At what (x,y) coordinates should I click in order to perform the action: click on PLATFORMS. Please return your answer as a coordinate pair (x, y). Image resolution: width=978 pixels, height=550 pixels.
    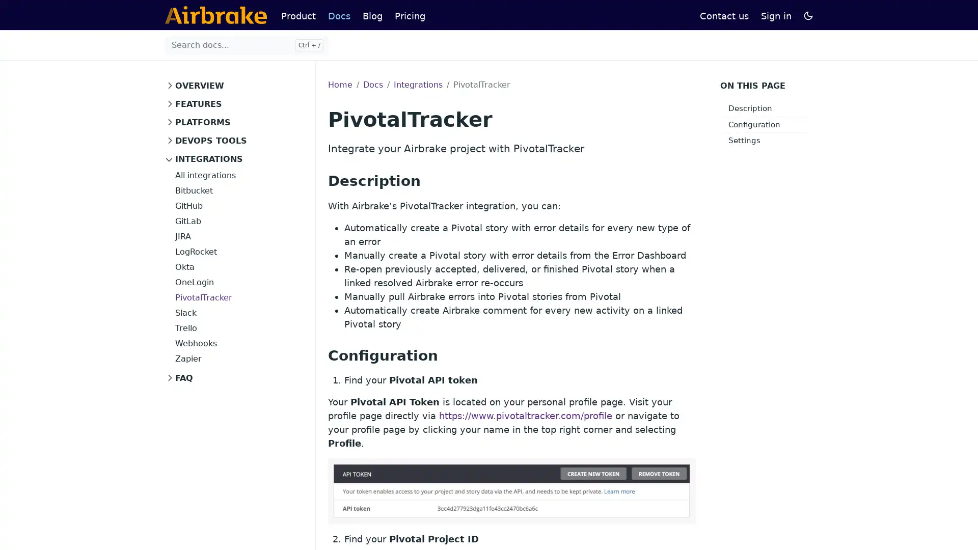
    Looking at the image, I should click on (200, 122).